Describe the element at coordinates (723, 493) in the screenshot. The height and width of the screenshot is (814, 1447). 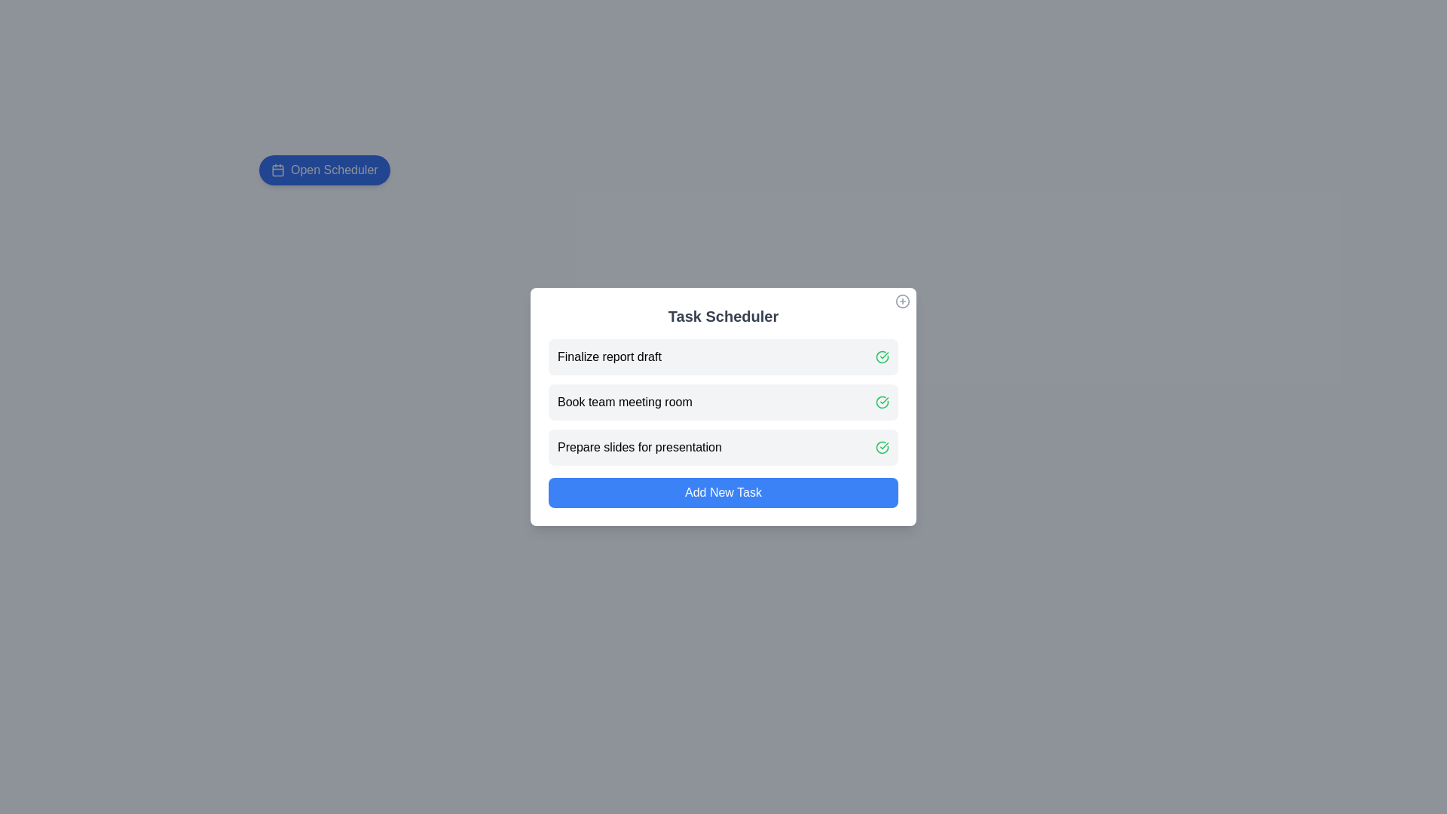
I see `the blue rectangular button with rounded corners labeled 'Add New Task' for accessibility navigation` at that location.